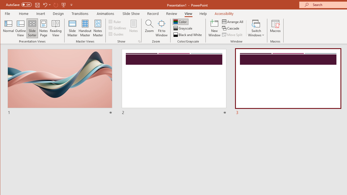 The image size is (347, 195). I want to click on 'Fit to Window', so click(161, 28).